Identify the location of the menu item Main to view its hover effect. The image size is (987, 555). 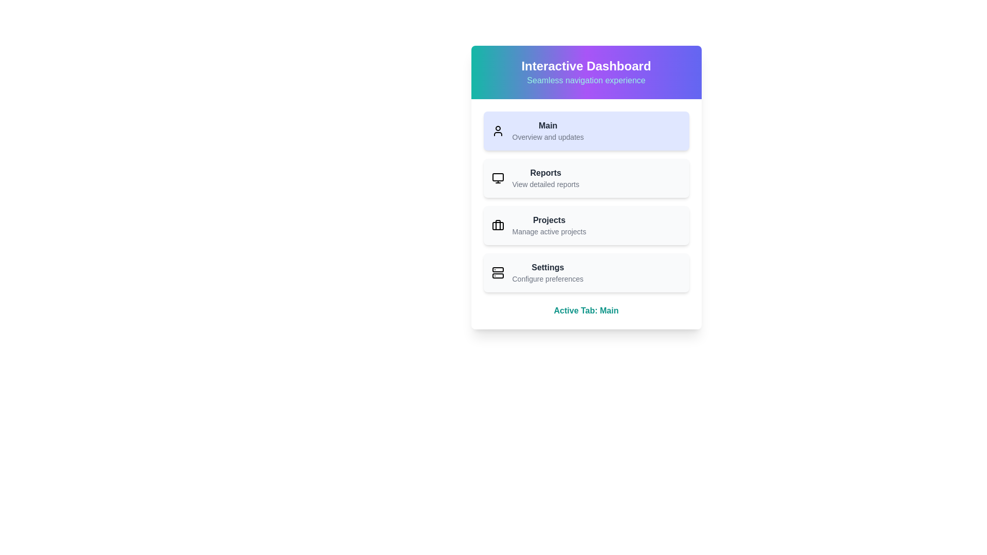
(586, 130).